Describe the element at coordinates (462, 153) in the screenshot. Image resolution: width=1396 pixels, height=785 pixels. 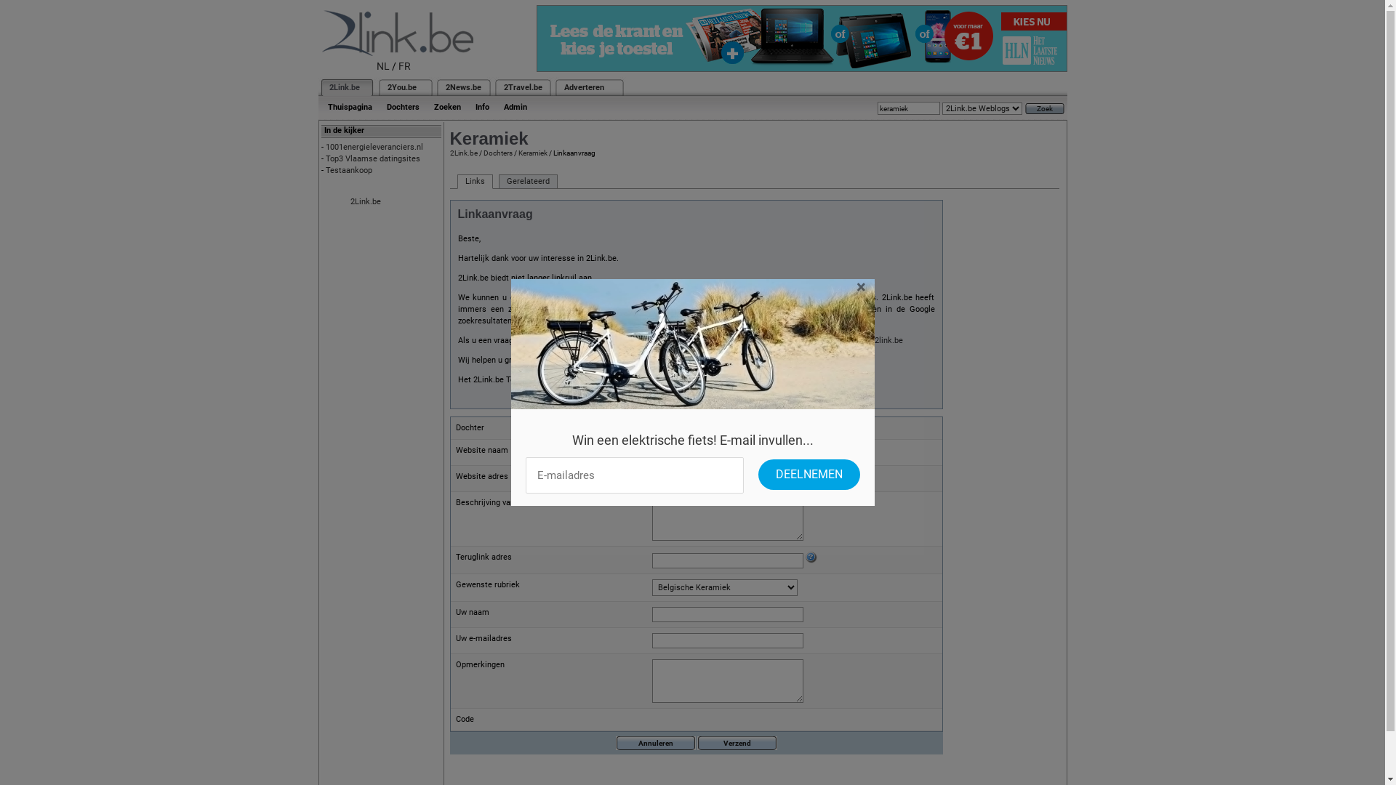
I see `'2Link.be'` at that location.